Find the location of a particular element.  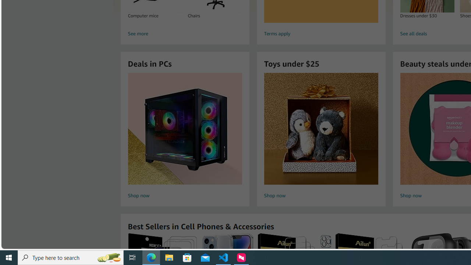

'Toys under $25' is located at coordinates (321, 128).